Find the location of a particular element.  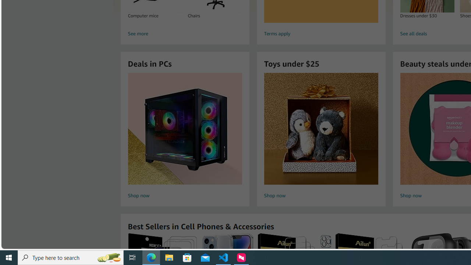

'Toys under $25' is located at coordinates (321, 128).